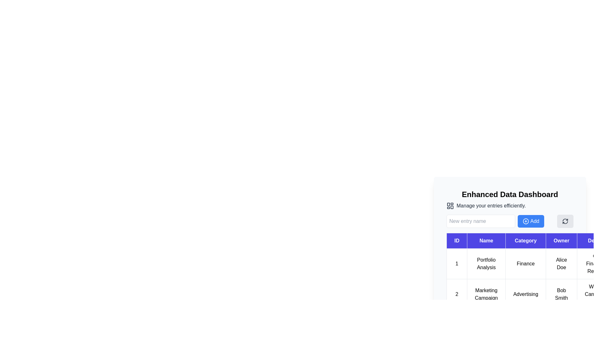  What do you see at coordinates (561, 263) in the screenshot?
I see `text content of the label displaying 'Alice Doe' located under the 'Owner' column in the first row of the data table` at bounding box center [561, 263].